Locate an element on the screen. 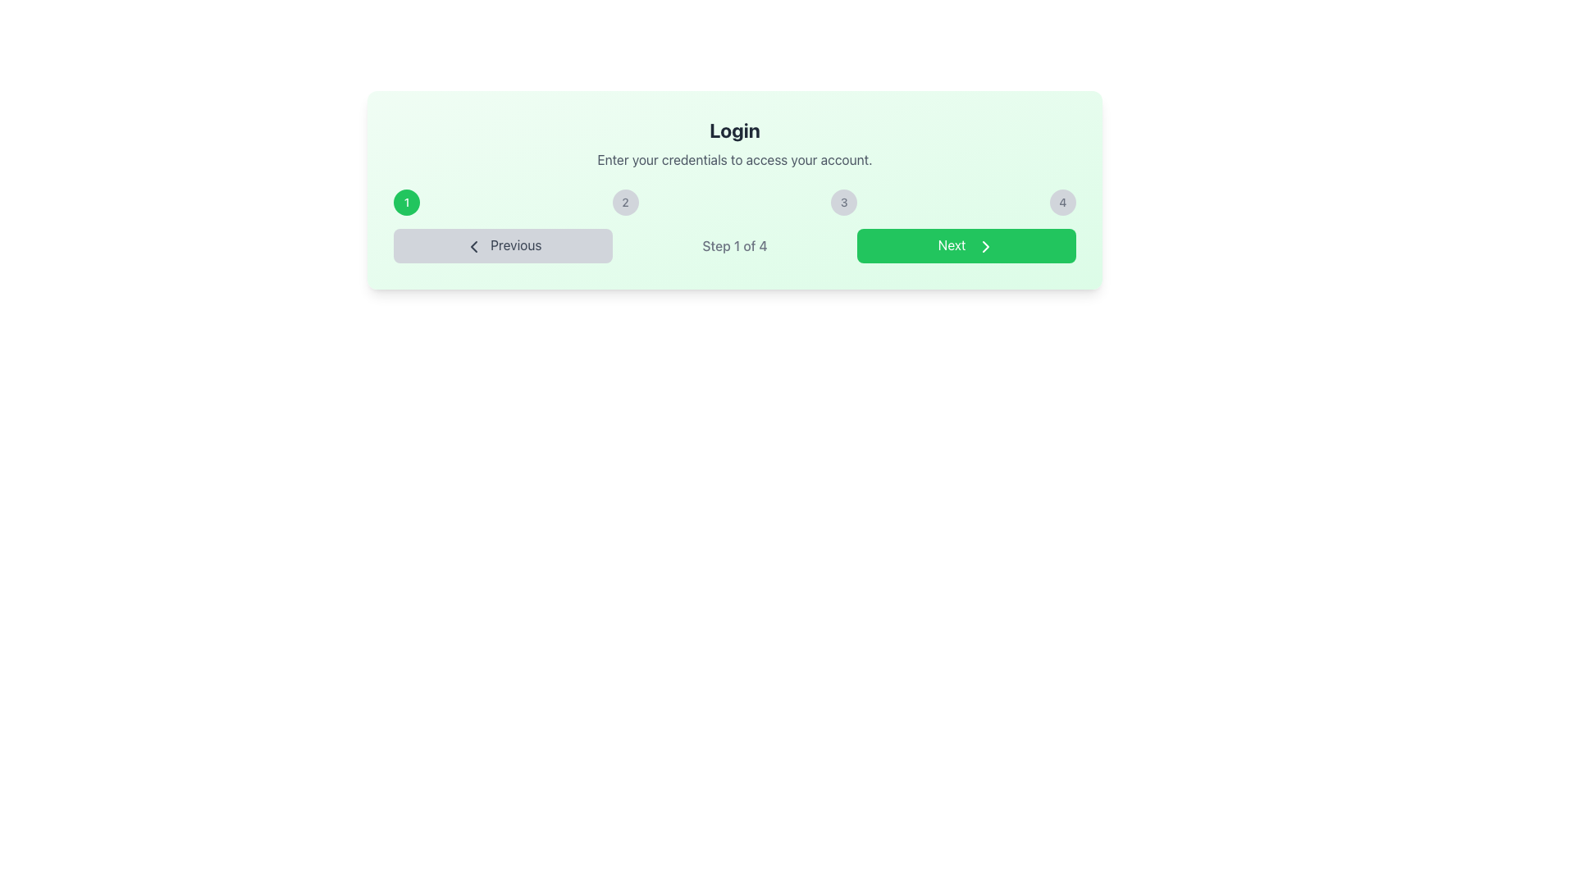  the text label that reads 'Step 1 of 4' in a medium gray color, positioned centrally in the navigation bar is located at coordinates (734, 245).